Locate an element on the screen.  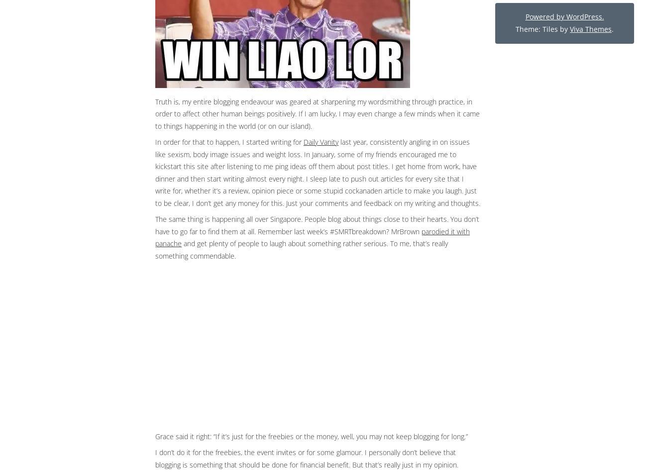
'Daily Vanity' is located at coordinates (321, 141).